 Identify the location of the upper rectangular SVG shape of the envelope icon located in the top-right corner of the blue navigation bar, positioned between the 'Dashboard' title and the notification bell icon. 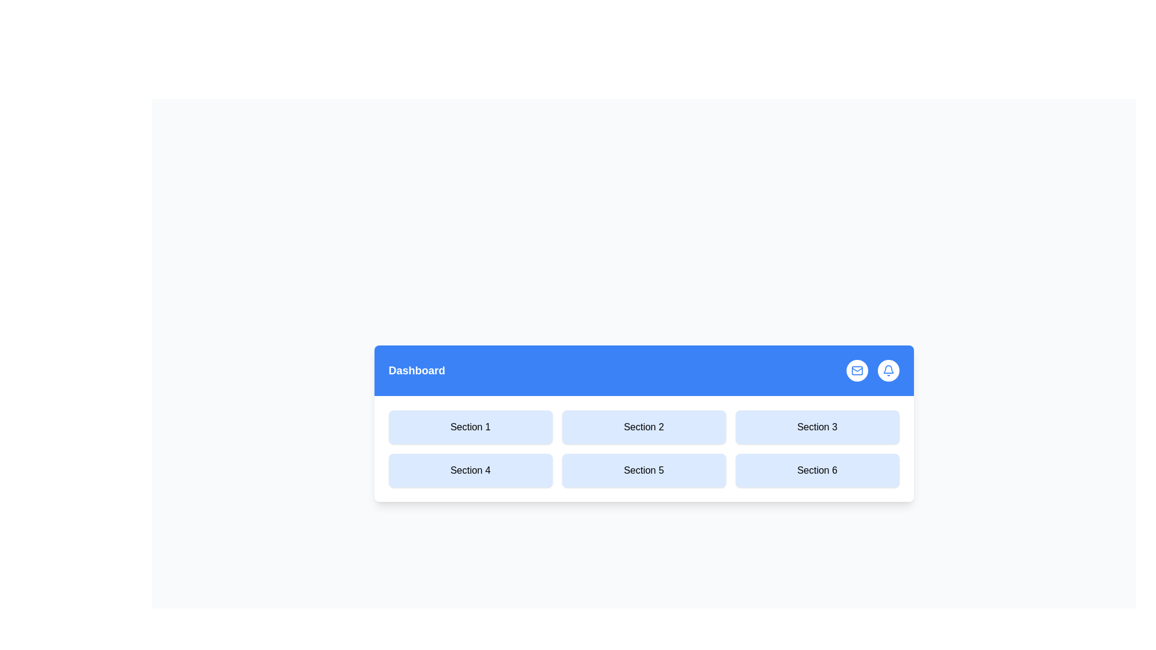
(856, 370).